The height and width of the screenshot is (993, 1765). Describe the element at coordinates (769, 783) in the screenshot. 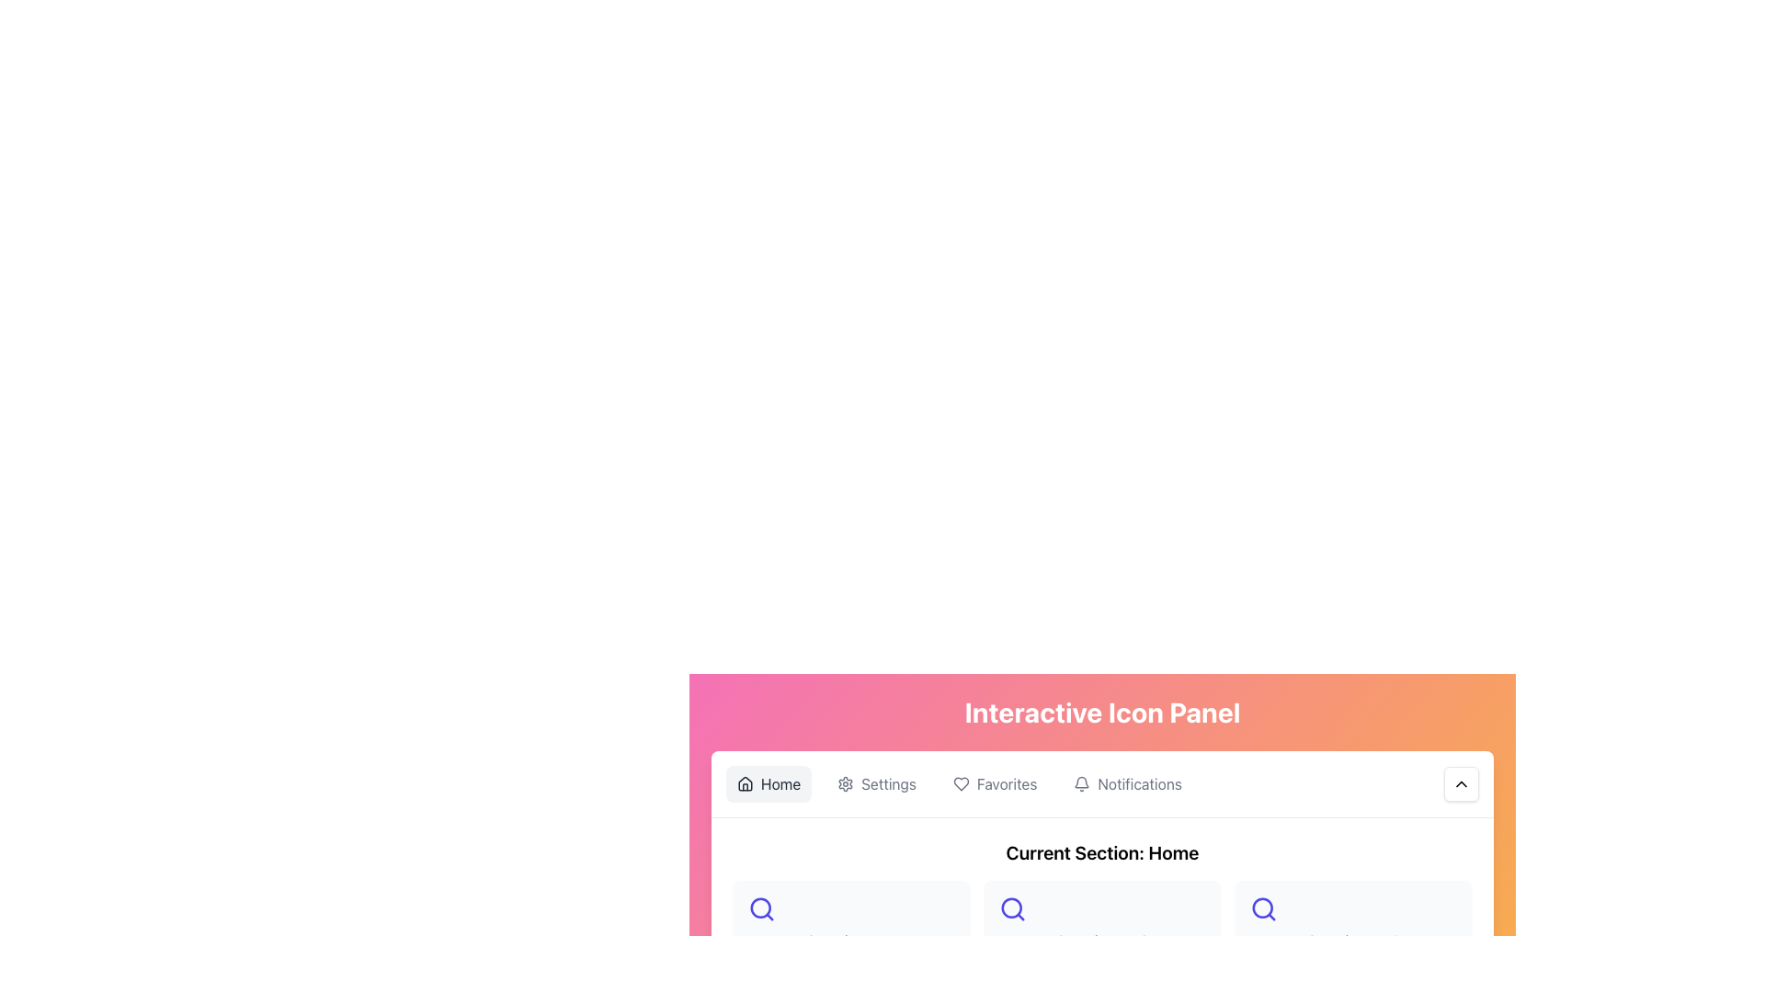

I see `the 'Home' button located on the navigation bar at the top of the interface, which features a house-shaped icon and the text 'Home'` at that location.